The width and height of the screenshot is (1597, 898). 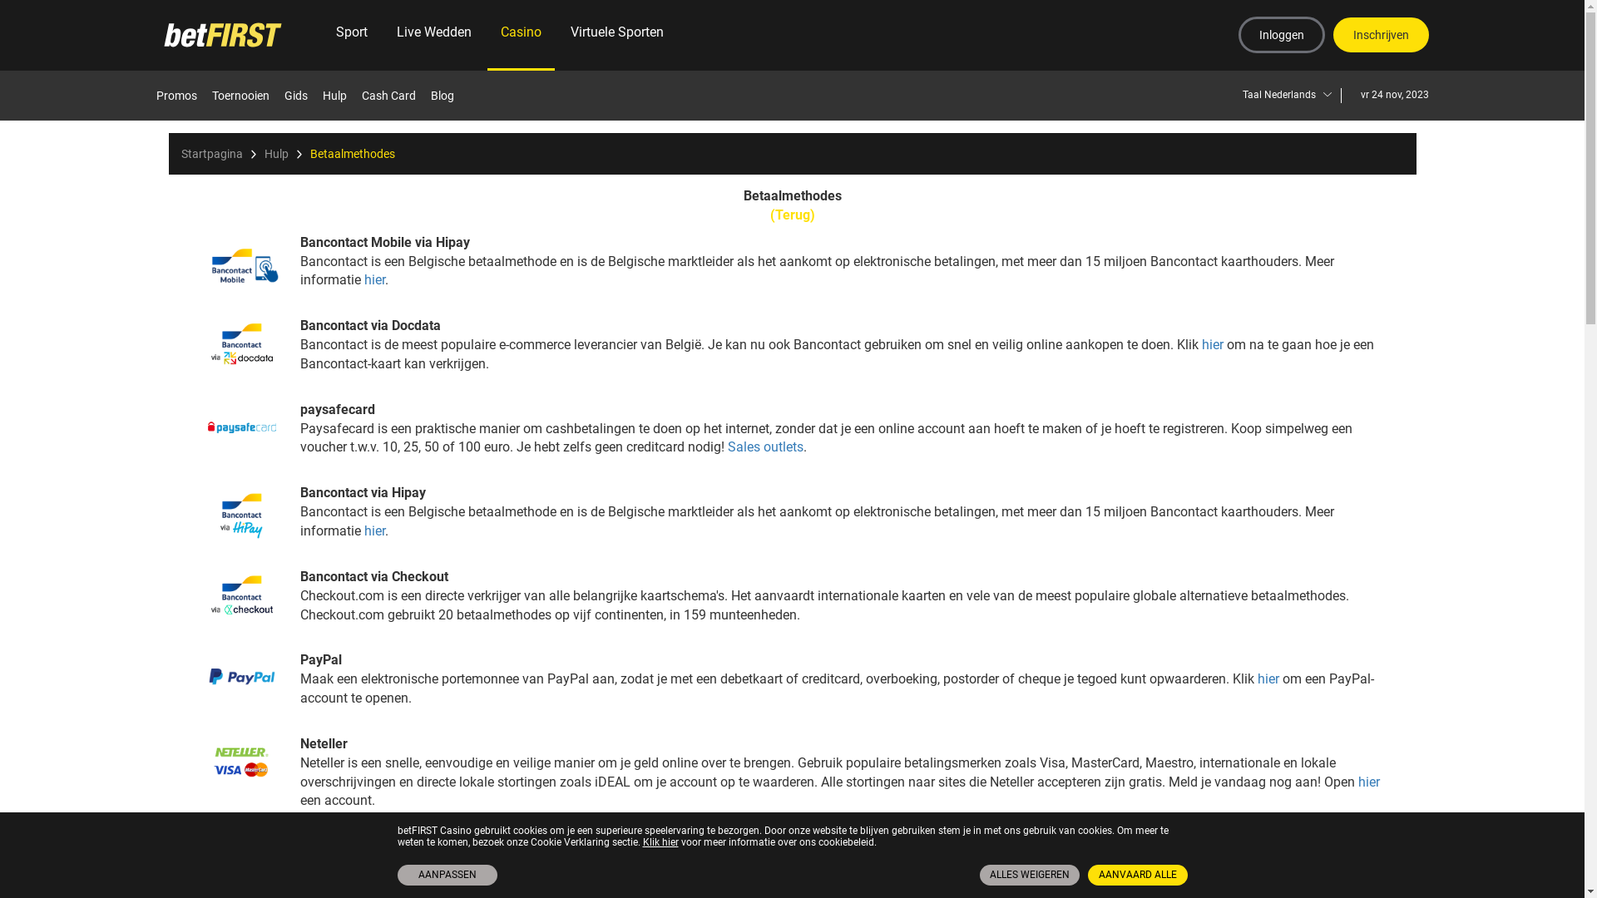 I want to click on 'Hulp', so click(x=323, y=96).